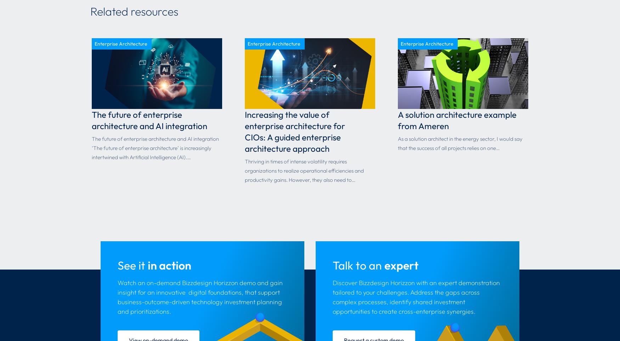 This screenshot has width=620, height=341. Describe the element at coordinates (401, 265) in the screenshot. I see `'expert'` at that location.